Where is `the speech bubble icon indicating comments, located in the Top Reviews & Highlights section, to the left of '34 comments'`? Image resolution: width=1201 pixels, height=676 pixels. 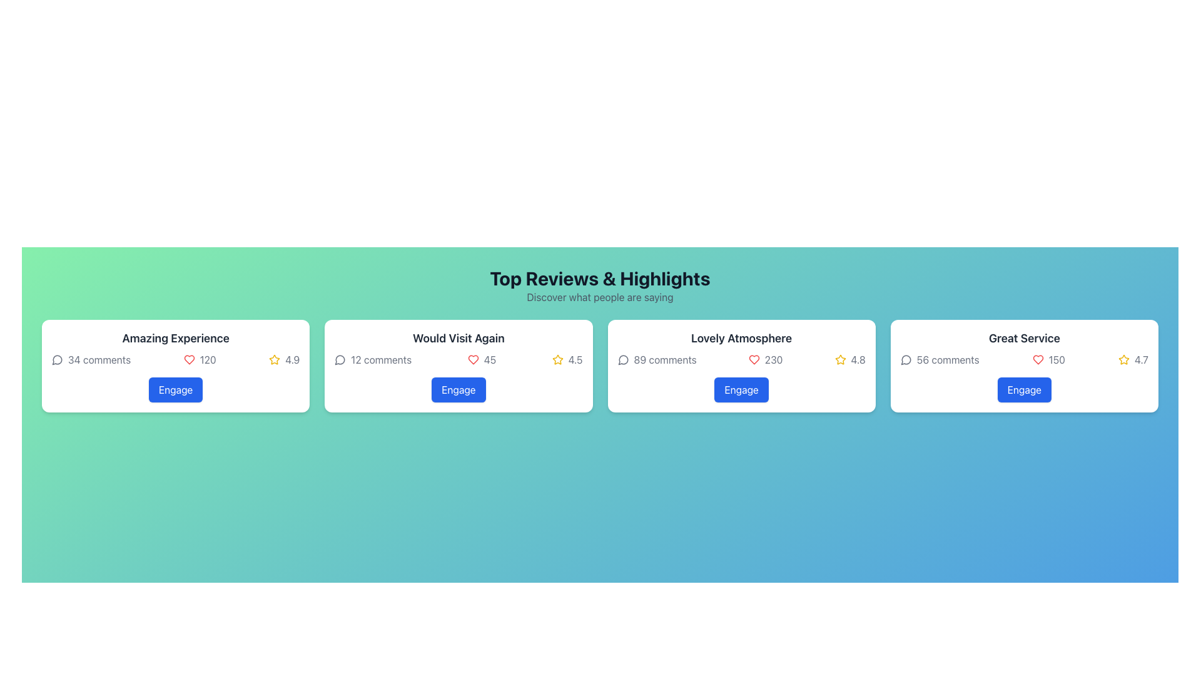
the speech bubble icon indicating comments, located in the Top Reviews & Highlights section, to the left of '34 comments' is located at coordinates (56, 359).